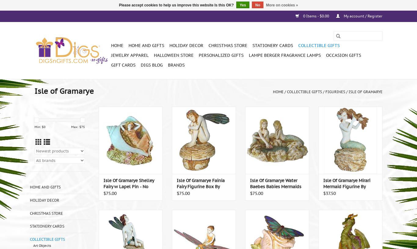 Image resolution: width=417 pixels, height=249 pixels. I want to click on 'Halloween Store', so click(173, 55).